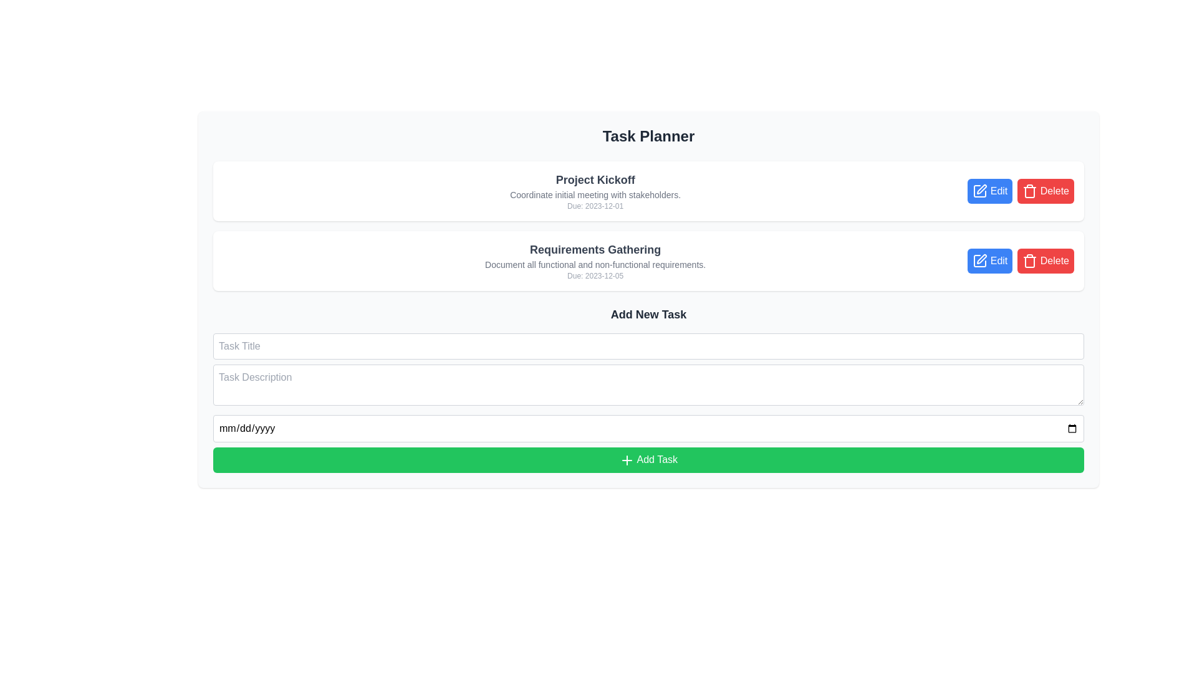  Describe the element at coordinates (648, 314) in the screenshot. I see `the text label that serves as the title for the task creation section, which indicates to users that they can add a new task below. This label is centrally located near the top of the form, above the input fields for 'Task Title' and 'Task Description.'` at that location.